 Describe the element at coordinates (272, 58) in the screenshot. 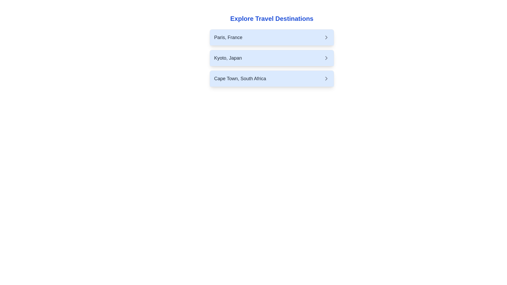

I see `the light blue button labeled 'Kyoto, Japan'` at that location.